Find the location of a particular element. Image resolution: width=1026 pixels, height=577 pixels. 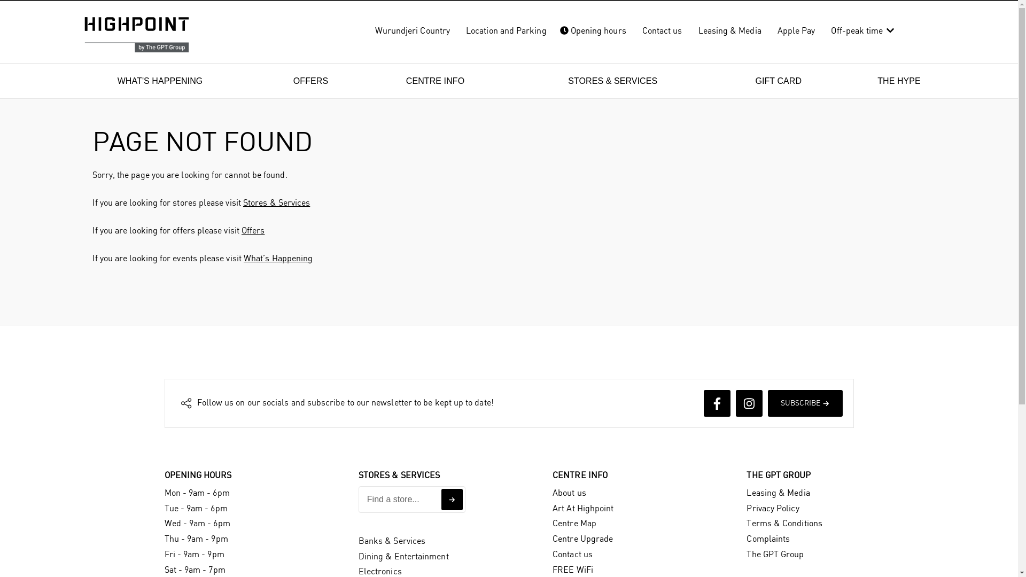

'THE HYPE' is located at coordinates (899, 80).